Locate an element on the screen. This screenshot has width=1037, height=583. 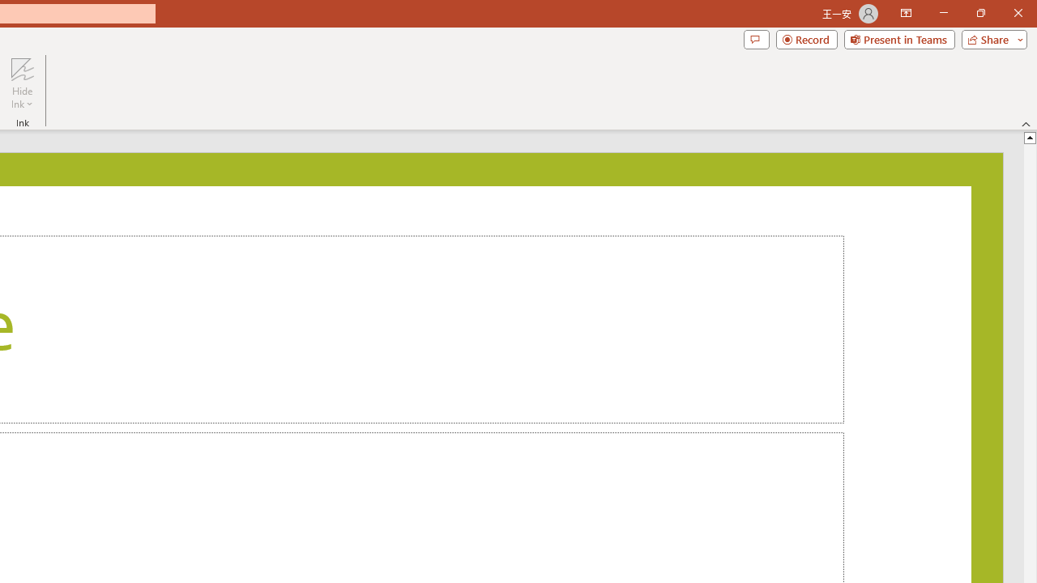
'Hide Ink' is located at coordinates (22, 68).